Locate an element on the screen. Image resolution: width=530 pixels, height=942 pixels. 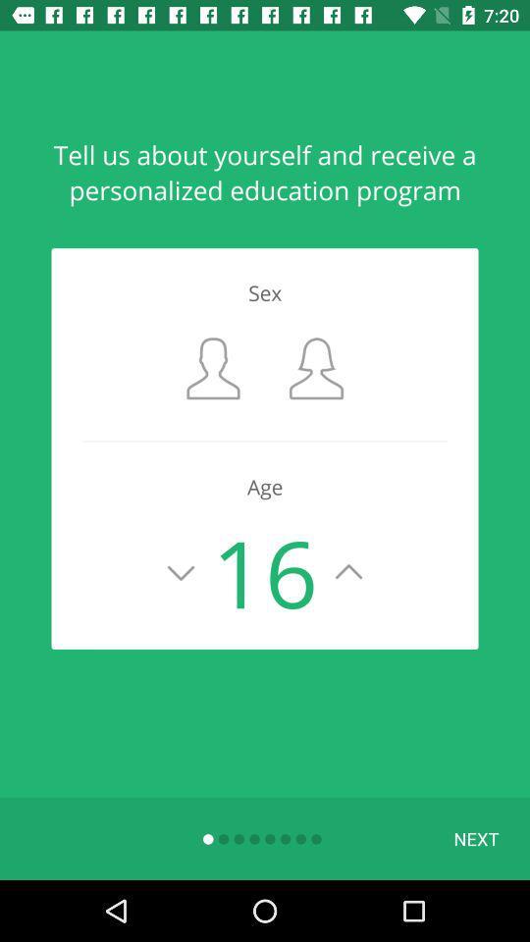
lower age is located at coordinates (181, 572).